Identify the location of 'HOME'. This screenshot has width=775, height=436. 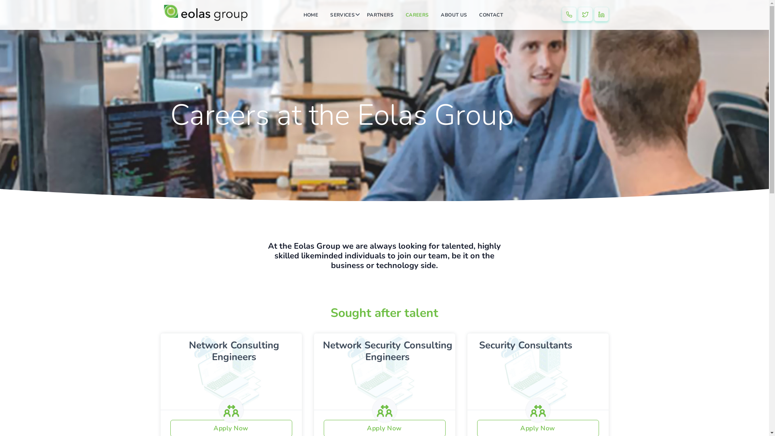
(310, 15).